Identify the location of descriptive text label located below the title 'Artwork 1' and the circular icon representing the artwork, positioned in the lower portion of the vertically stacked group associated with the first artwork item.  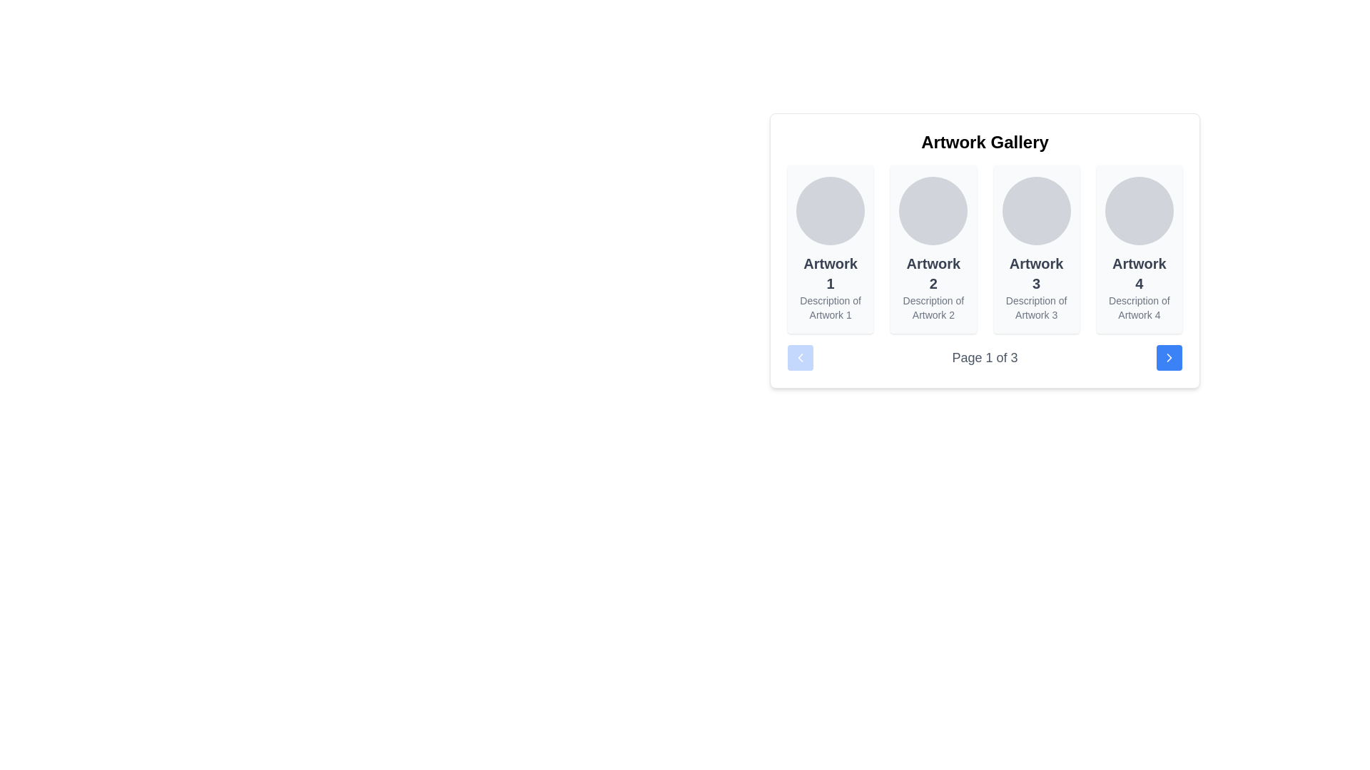
(831, 307).